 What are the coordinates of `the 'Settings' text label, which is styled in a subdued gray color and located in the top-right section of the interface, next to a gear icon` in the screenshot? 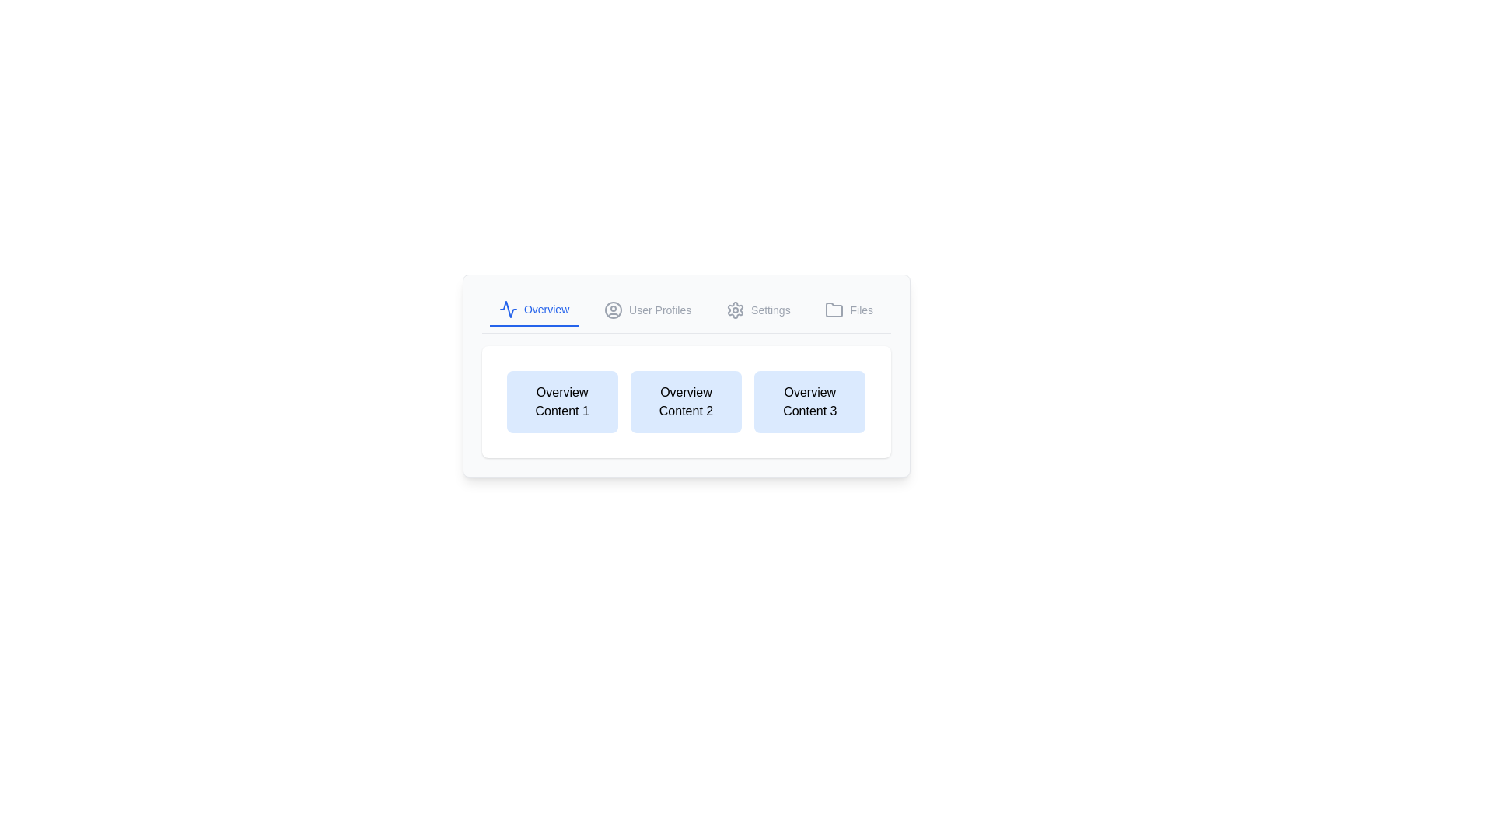 It's located at (771, 310).